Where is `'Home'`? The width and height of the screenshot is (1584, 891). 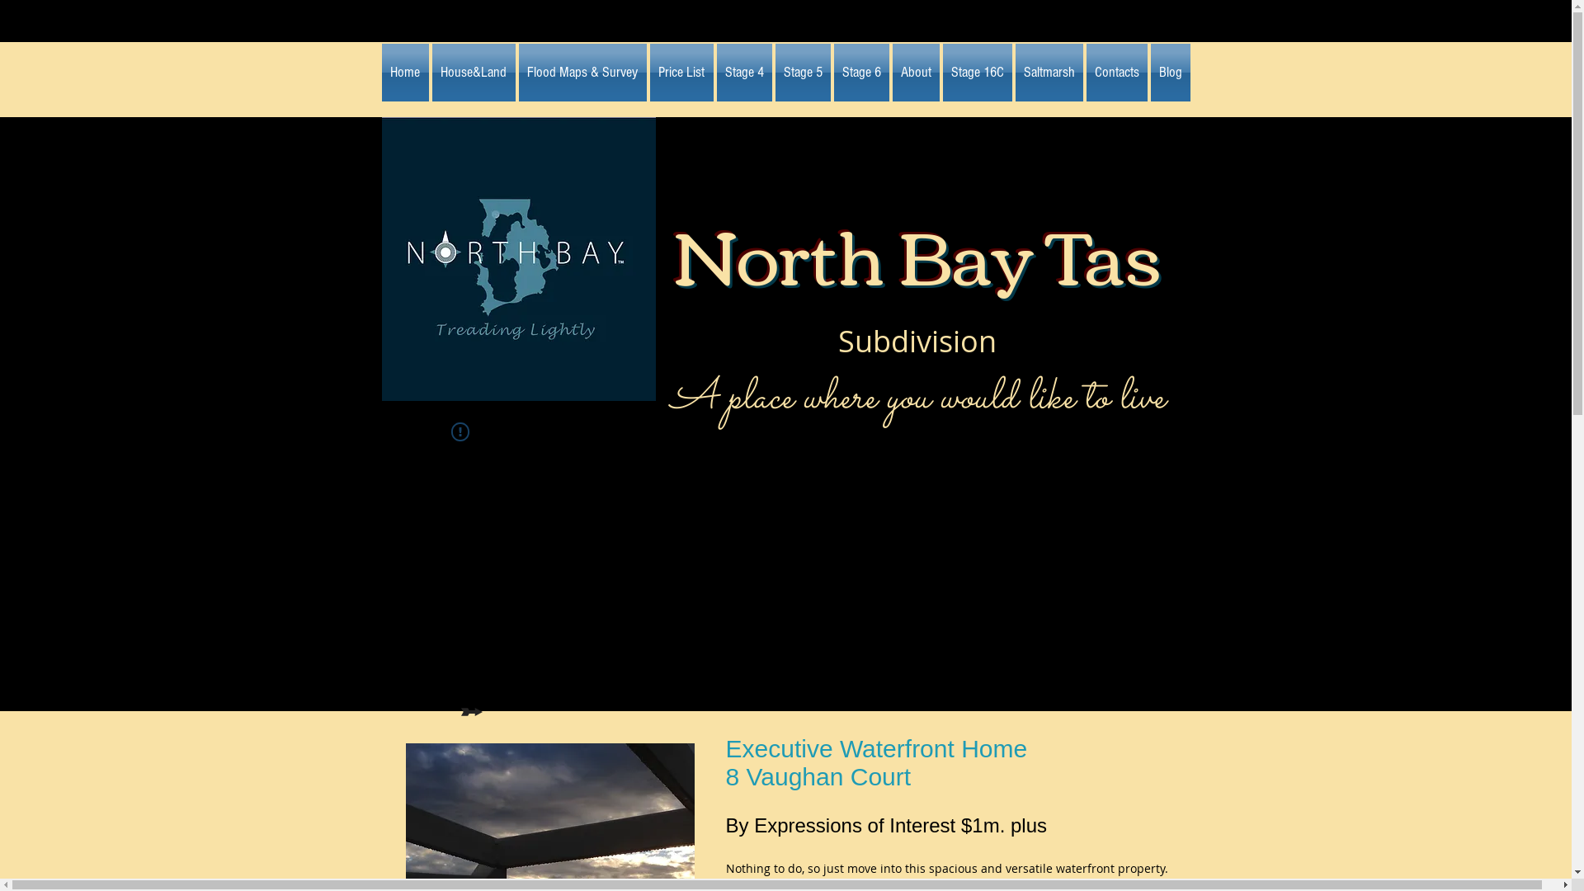
'Home' is located at coordinates (405, 72).